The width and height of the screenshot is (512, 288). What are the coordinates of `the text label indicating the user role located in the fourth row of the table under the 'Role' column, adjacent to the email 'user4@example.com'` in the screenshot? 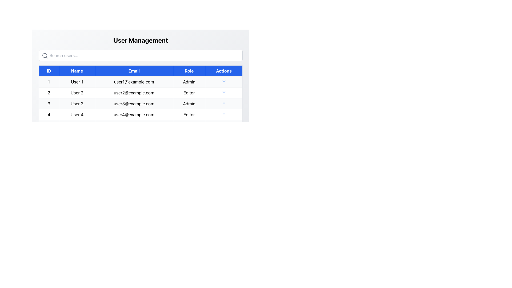 It's located at (189, 114).